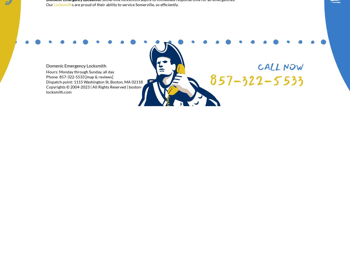 This screenshot has height=280, width=350. What do you see at coordinates (94, 89) in the screenshot?
I see `'Copyrights © 2004-2023 | All Rights Reserved | boston-locksmith.com'` at bounding box center [94, 89].